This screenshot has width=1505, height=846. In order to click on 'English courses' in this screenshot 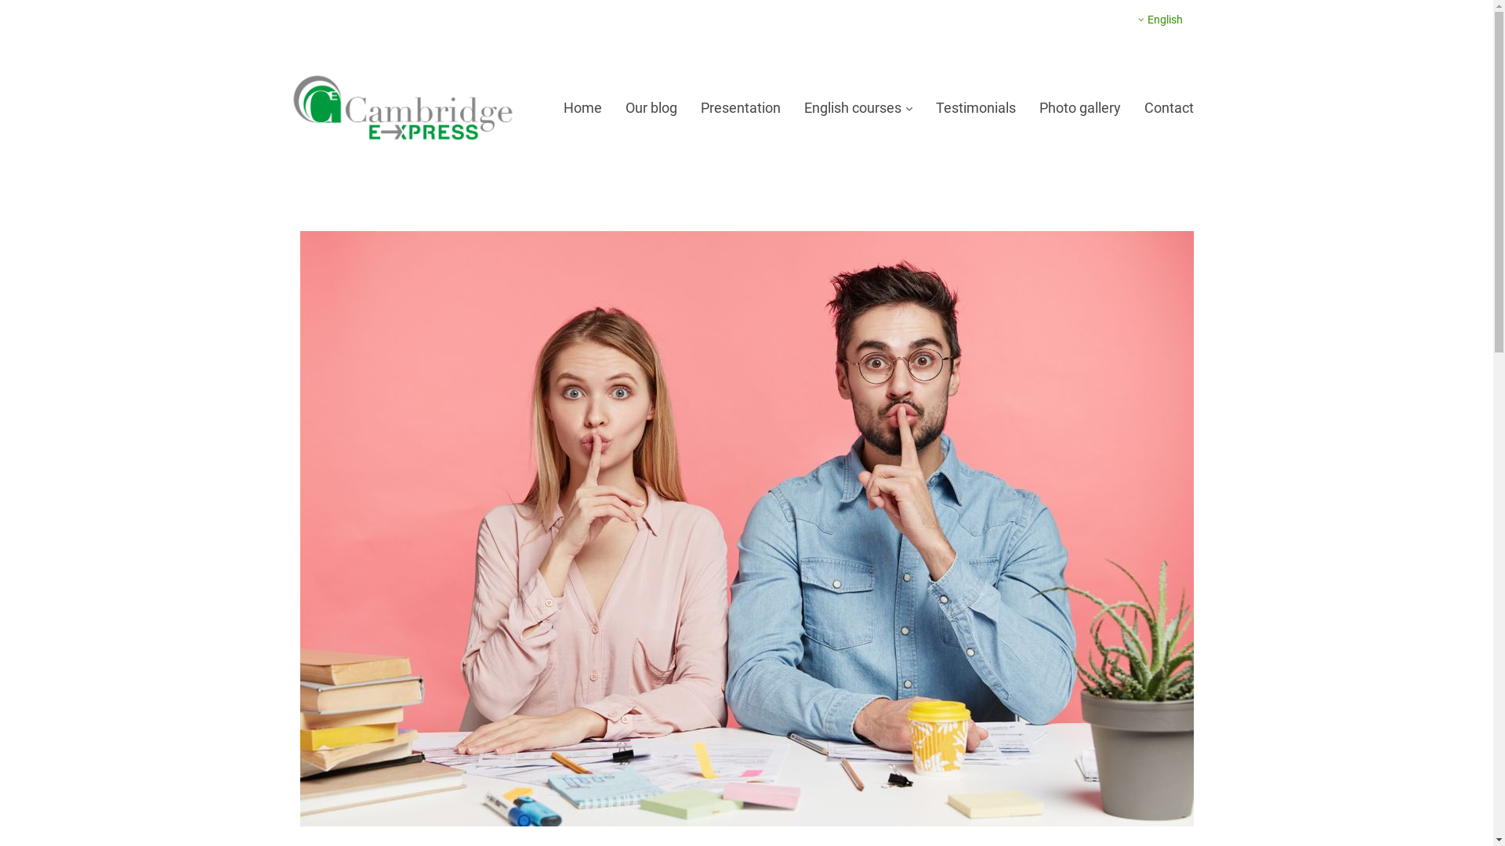, I will do `click(857, 107)`.